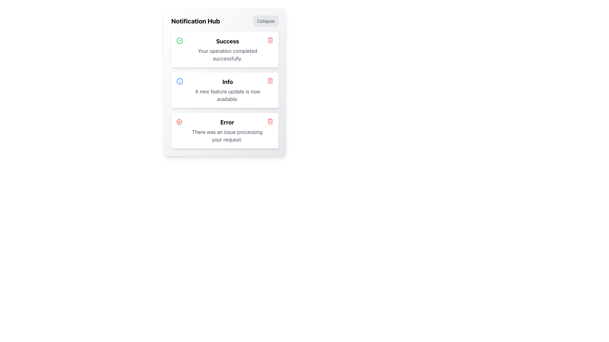  What do you see at coordinates (179, 81) in the screenshot?
I see `the blue outlined circular element in the SVG icon located next to the 'Info' label in the notification hub` at bounding box center [179, 81].